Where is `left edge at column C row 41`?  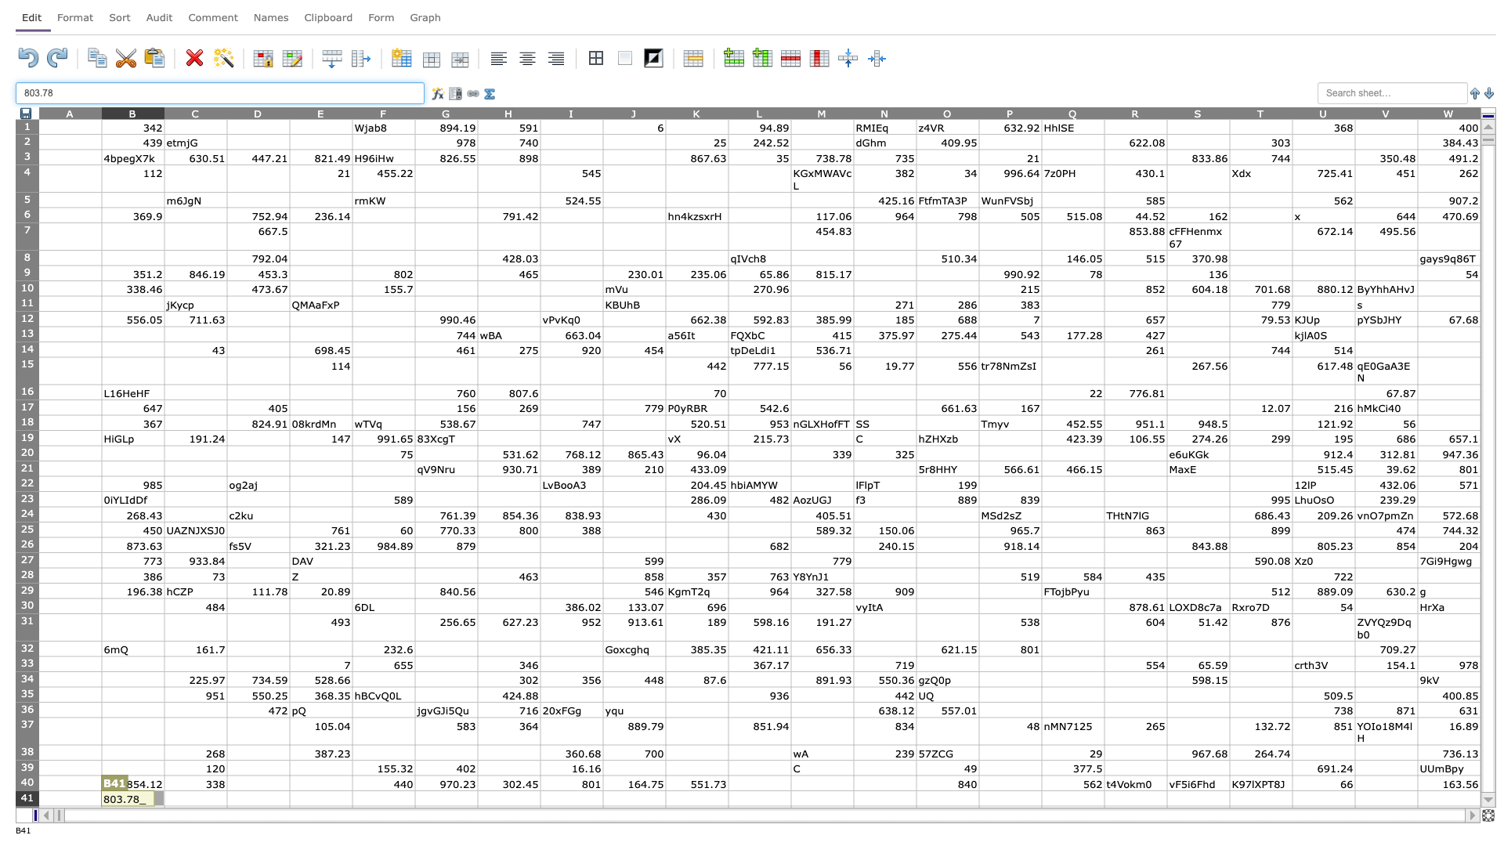 left edge at column C row 41 is located at coordinates (164, 798).